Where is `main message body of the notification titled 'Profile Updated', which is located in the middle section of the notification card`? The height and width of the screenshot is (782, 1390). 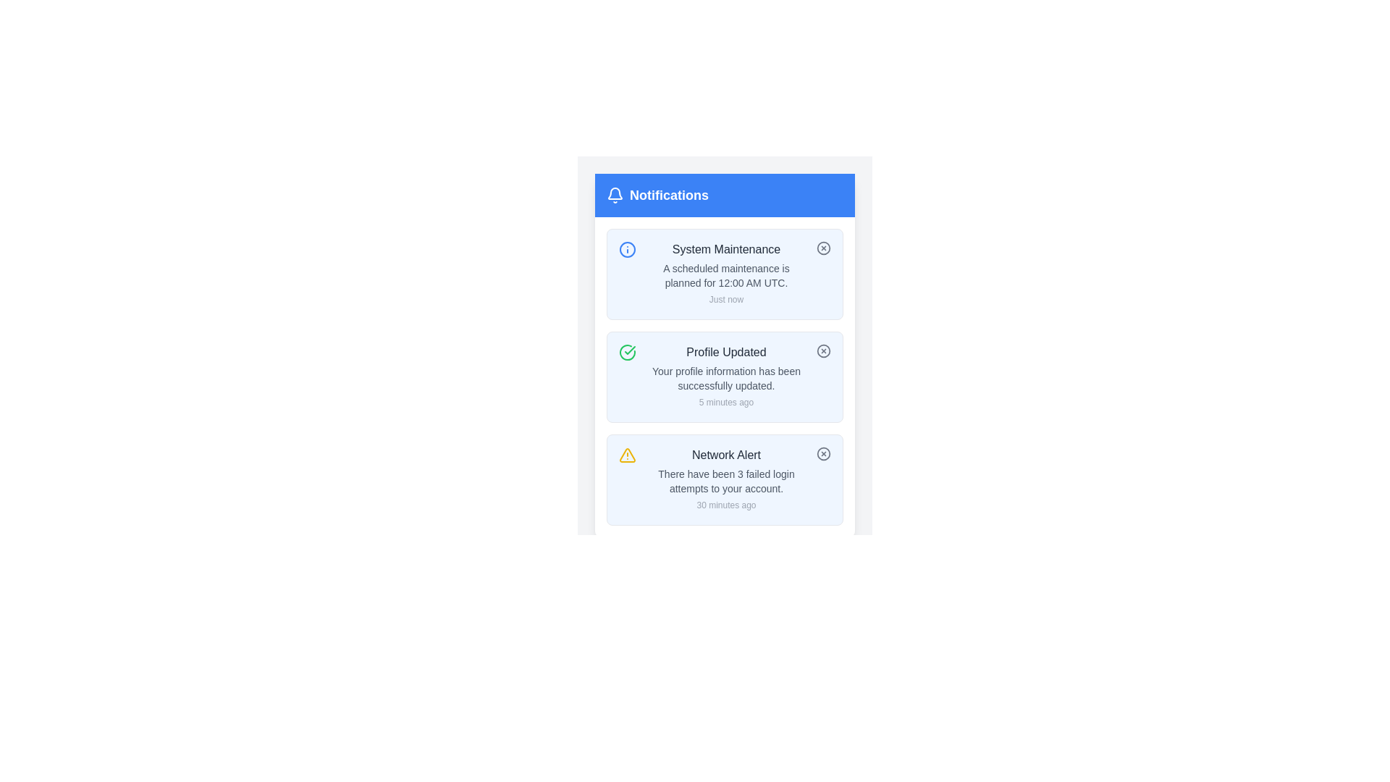
main message body of the notification titled 'Profile Updated', which is located in the middle section of the notification card is located at coordinates (726, 378).